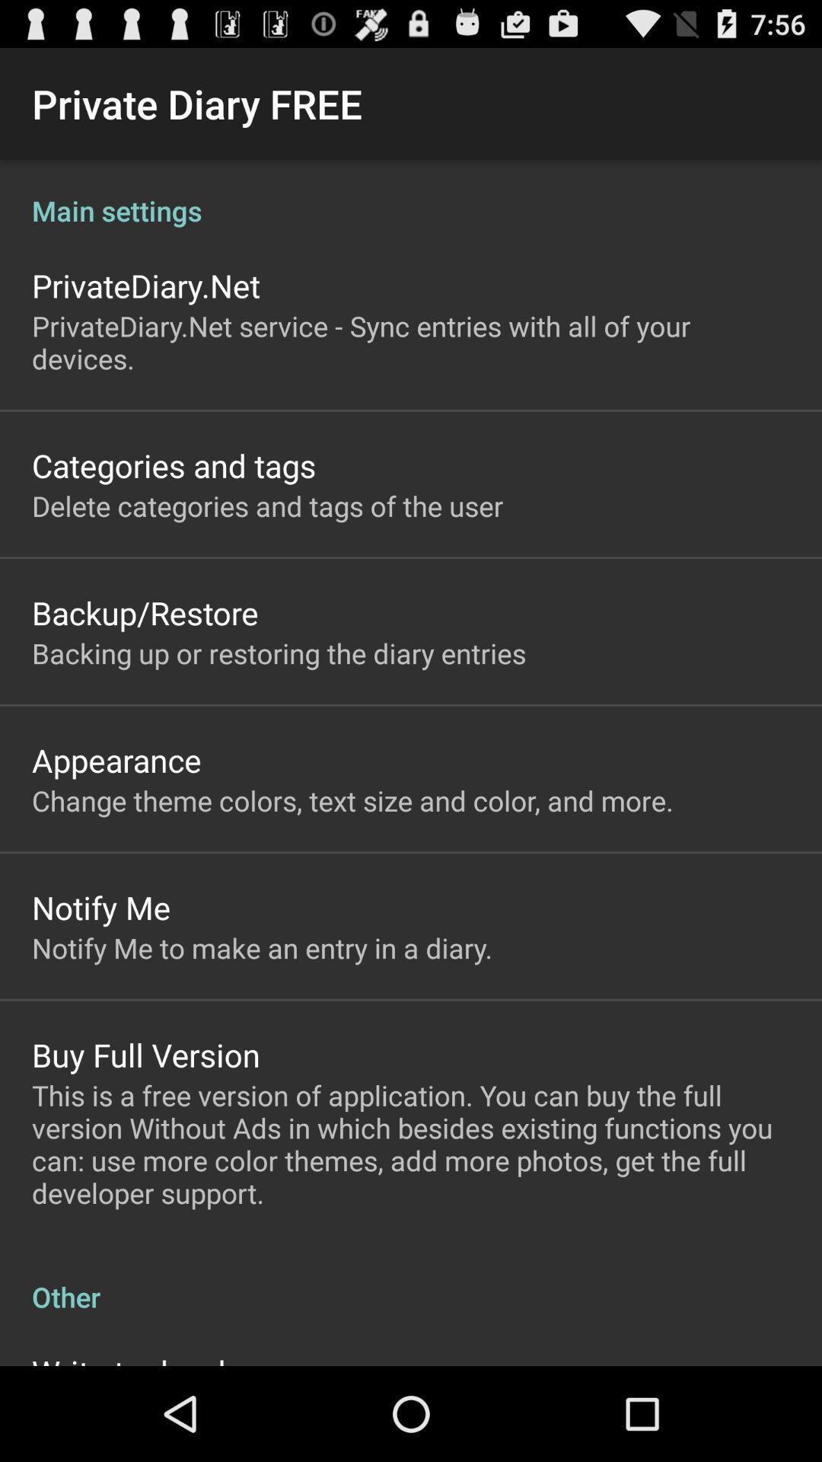 This screenshot has height=1462, width=822. I want to click on app above the privatediary.net icon, so click(411, 193).